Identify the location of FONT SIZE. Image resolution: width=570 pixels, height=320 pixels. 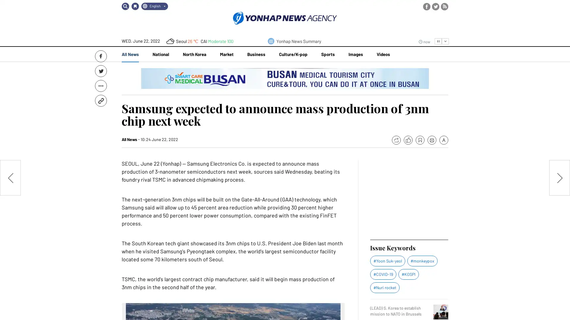
(444, 140).